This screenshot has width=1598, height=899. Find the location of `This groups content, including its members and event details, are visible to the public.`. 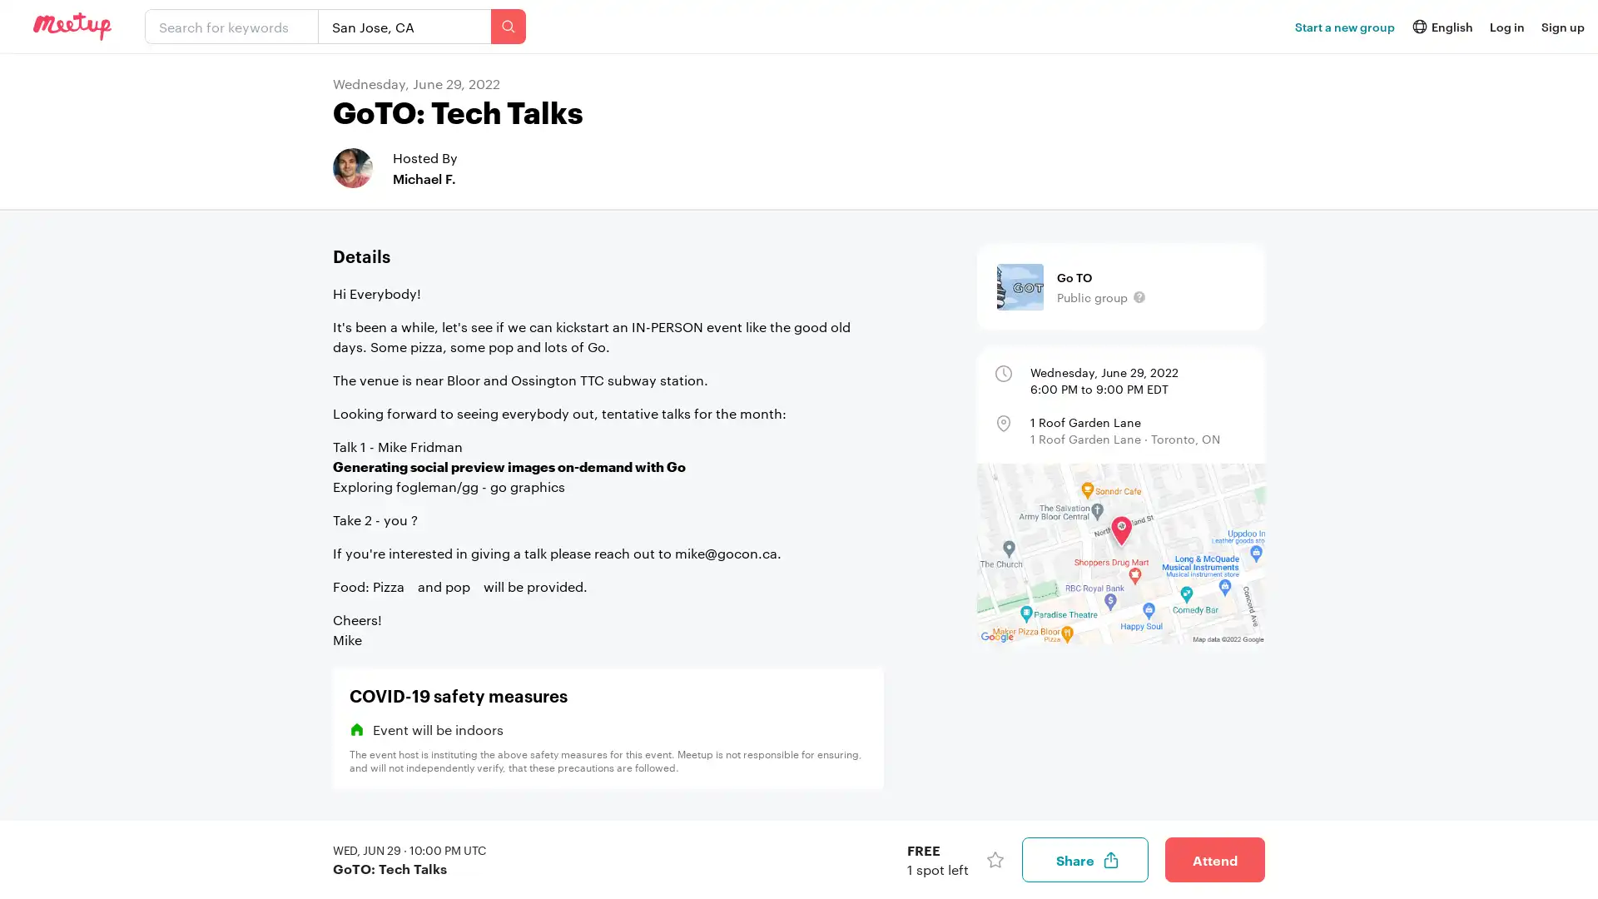

This groups content, including its members and event details, are visible to the public. is located at coordinates (1138, 296).